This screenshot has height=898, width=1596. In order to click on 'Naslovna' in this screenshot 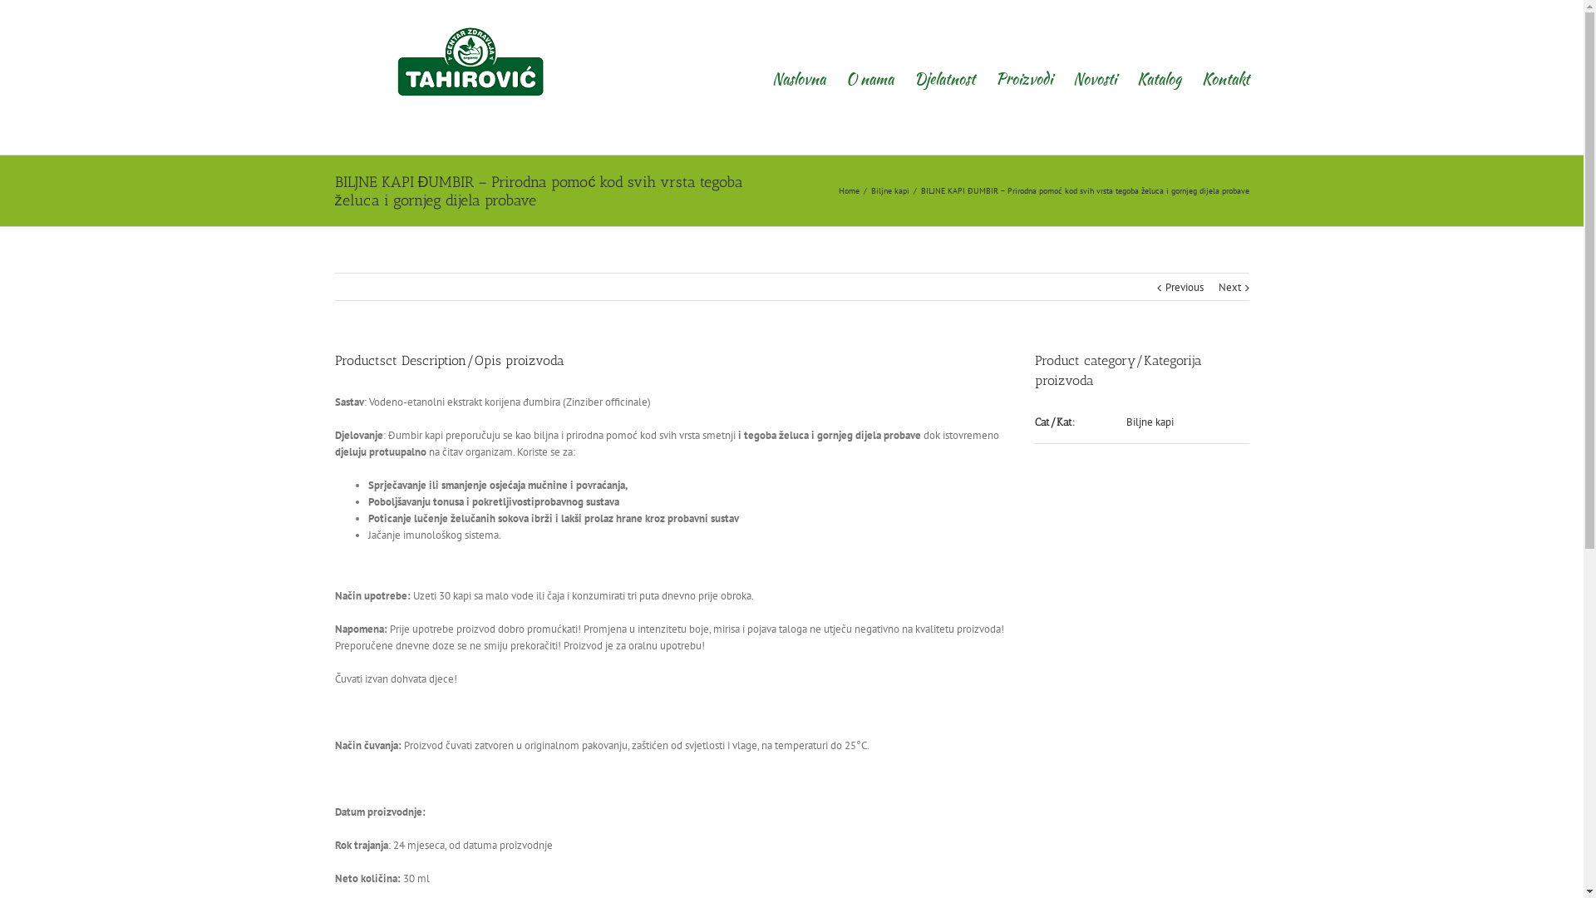, I will do `click(770, 76)`.